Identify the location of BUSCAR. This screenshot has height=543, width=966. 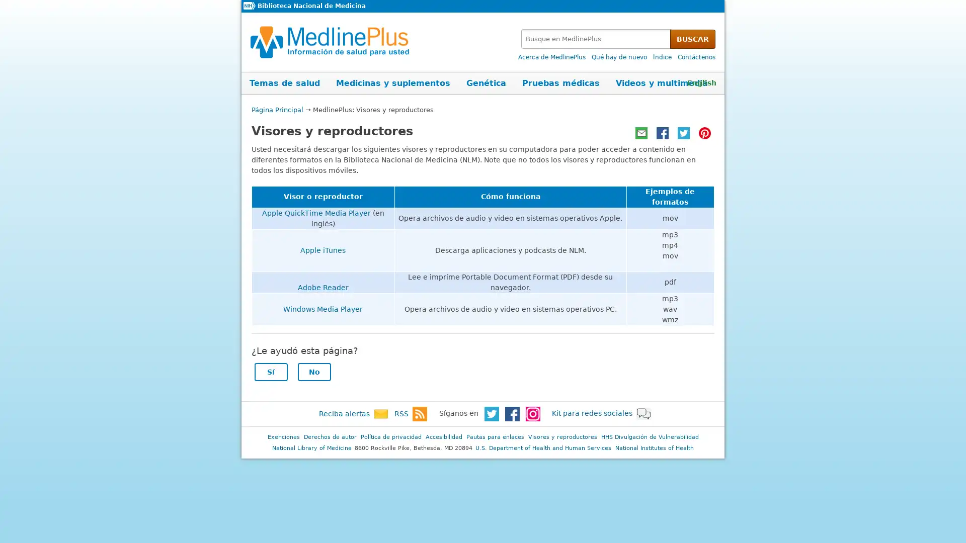
(692, 38).